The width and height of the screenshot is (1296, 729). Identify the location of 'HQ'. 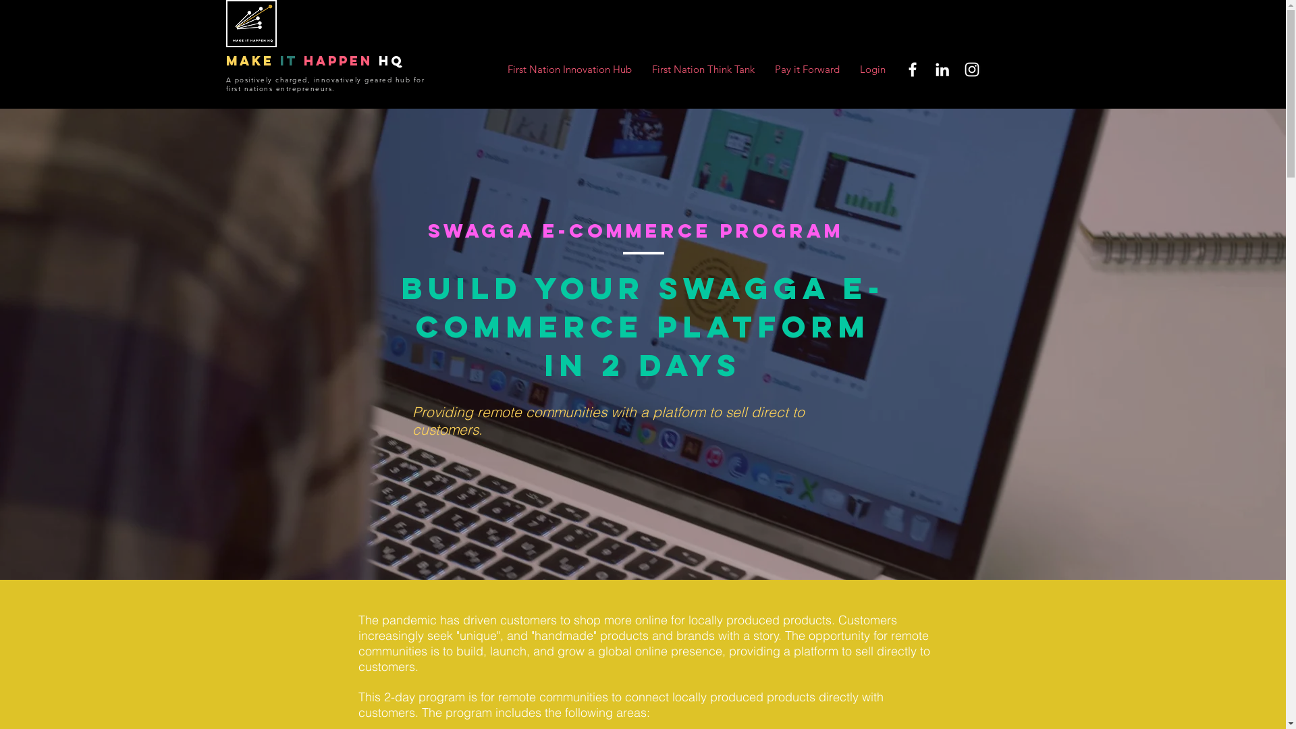
(387, 59).